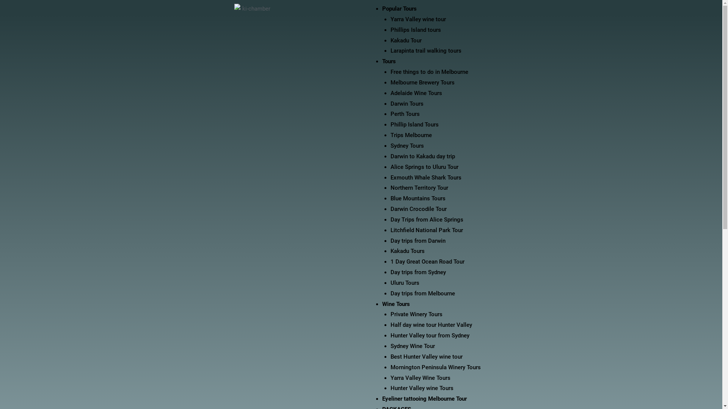 This screenshot has height=409, width=728. What do you see at coordinates (391, 209) in the screenshot?
I see `'Darwin Crocodile Tour'` at bounding box center [391, 209].